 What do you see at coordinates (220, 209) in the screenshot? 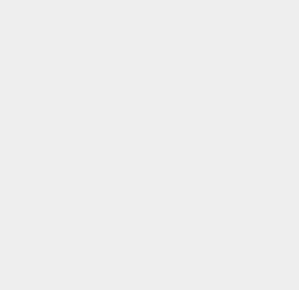
I see `'Call Center'` at bounding box center [220, 209].